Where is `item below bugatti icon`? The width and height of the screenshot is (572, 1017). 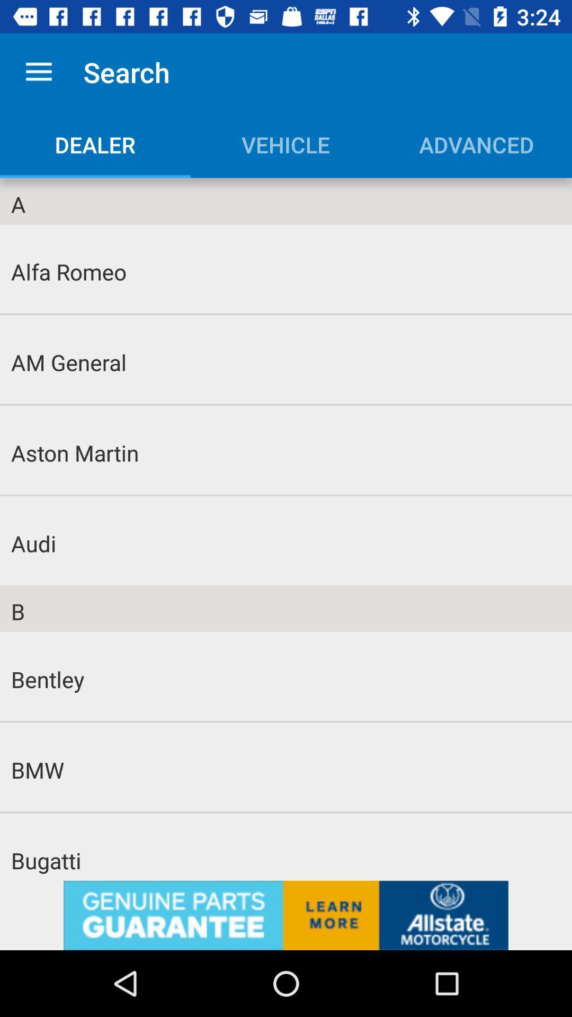
item below bugatti icon is located at coordinates (286, 915).